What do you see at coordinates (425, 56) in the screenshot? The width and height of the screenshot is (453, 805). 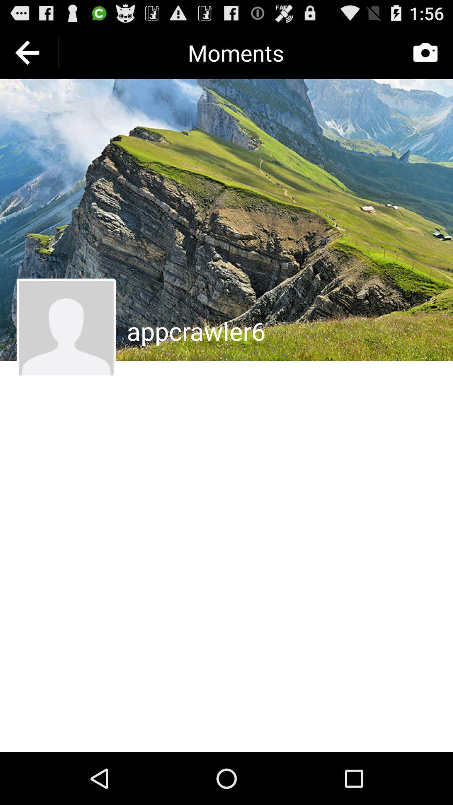 I see `the photo icon` at bounding box center [425, 56].